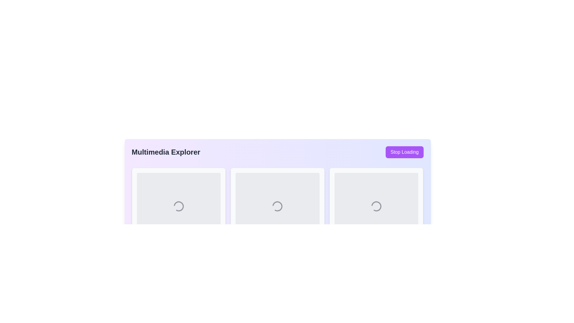 The width and height of the screenshot is (574, 323). I want to click on the central circular loader animation spinner icon, so click(277, 206).